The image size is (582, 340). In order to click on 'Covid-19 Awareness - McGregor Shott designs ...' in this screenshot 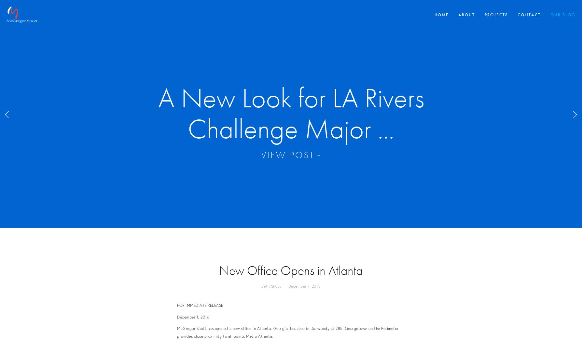, I will do `click(291, 113)`.